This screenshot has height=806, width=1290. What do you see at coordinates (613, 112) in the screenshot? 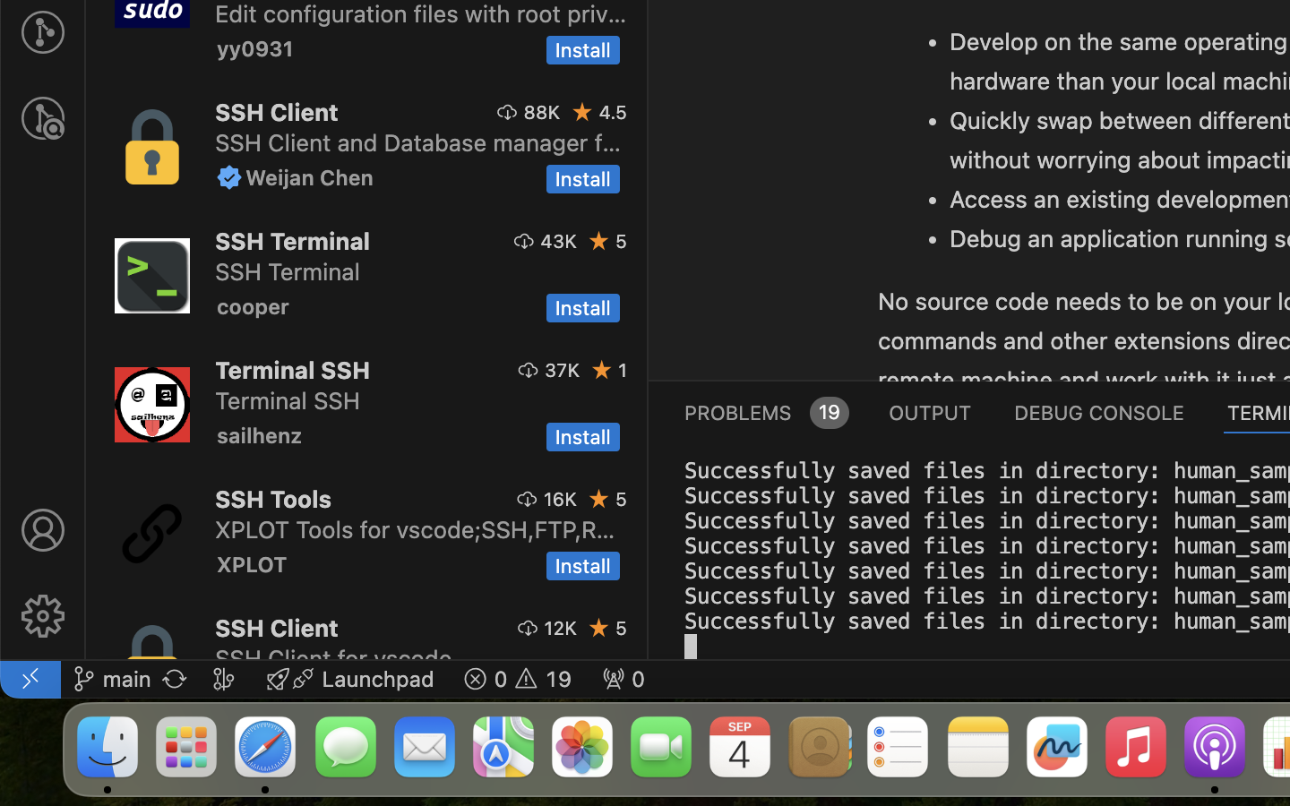
I see `'4.5'` at bounding box center [613, 112].